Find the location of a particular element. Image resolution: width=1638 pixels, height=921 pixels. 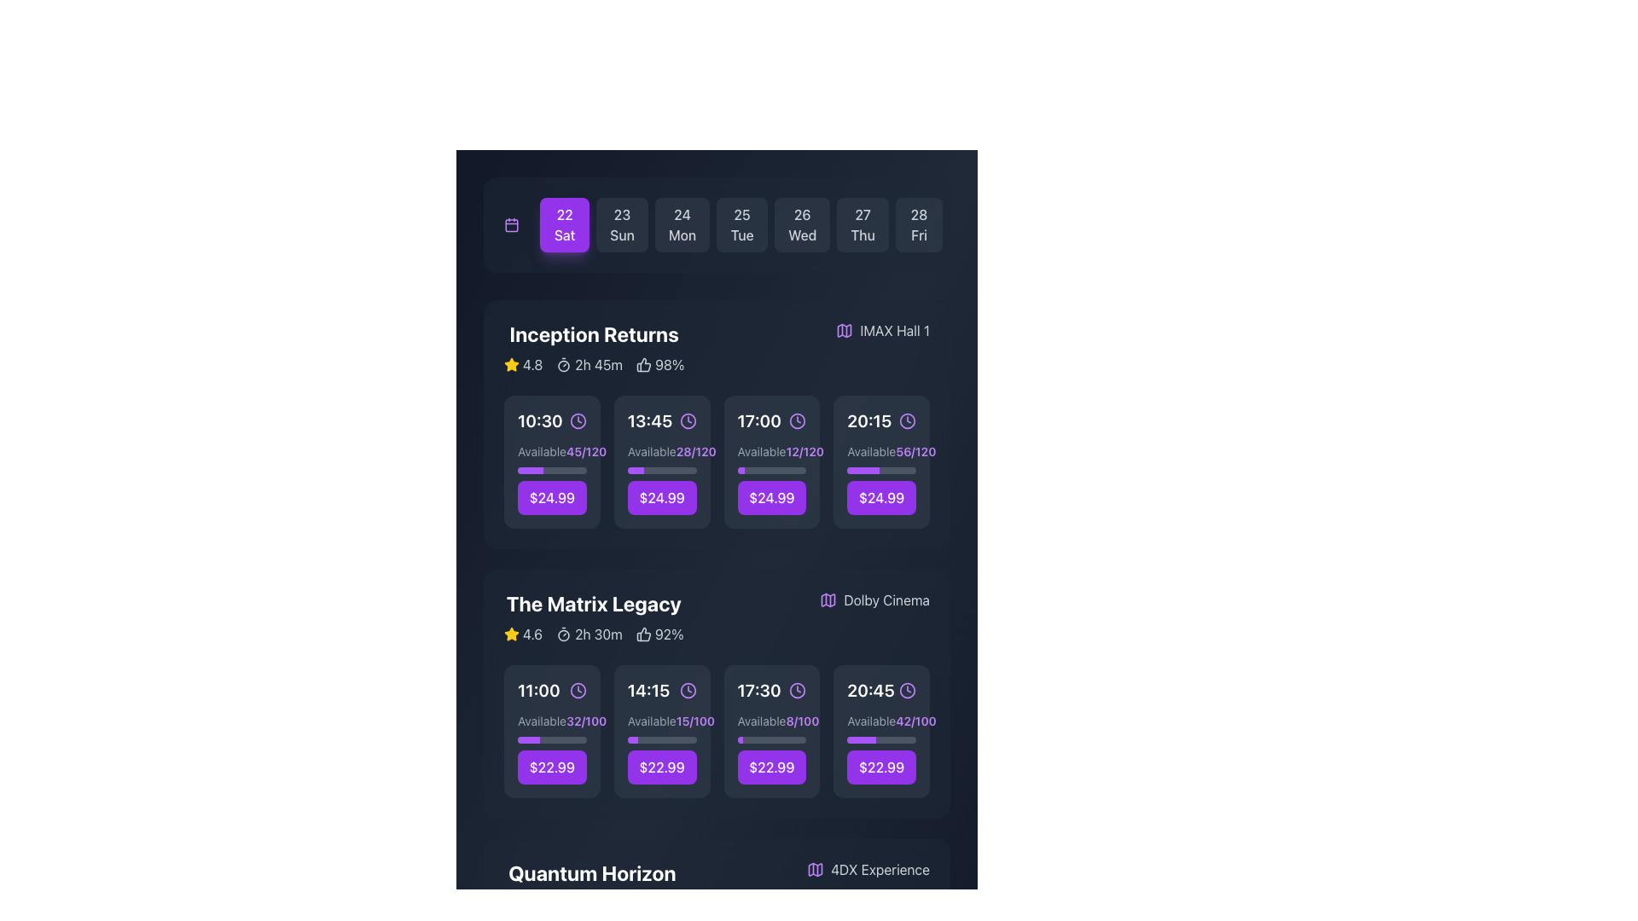

the interactive card displaying movie showtime details located at the far right of the 'Inception Returns' section is located at coordinates (880, 462).